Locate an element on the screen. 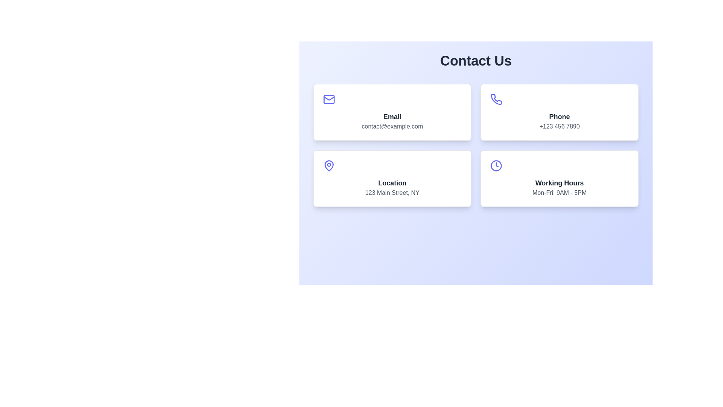 The width and height of the screenshot is (723, 407). the Interactive card located at the top left of the grid layout to possibly initiate an email action is located at coordinates (392, 112).